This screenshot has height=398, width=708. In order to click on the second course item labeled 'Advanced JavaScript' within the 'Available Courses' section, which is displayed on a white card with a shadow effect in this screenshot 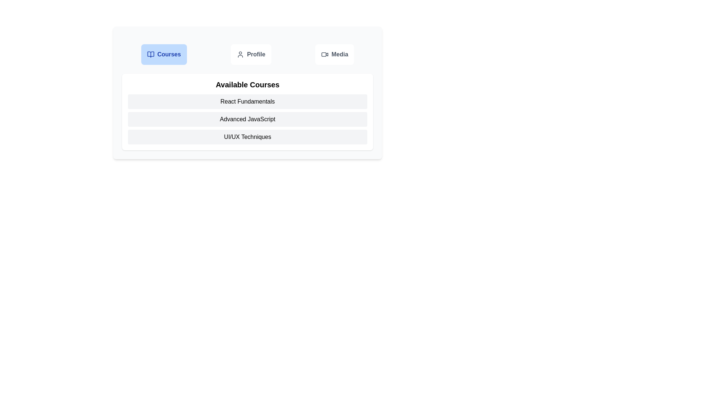, I will do `click(247, 112)`.